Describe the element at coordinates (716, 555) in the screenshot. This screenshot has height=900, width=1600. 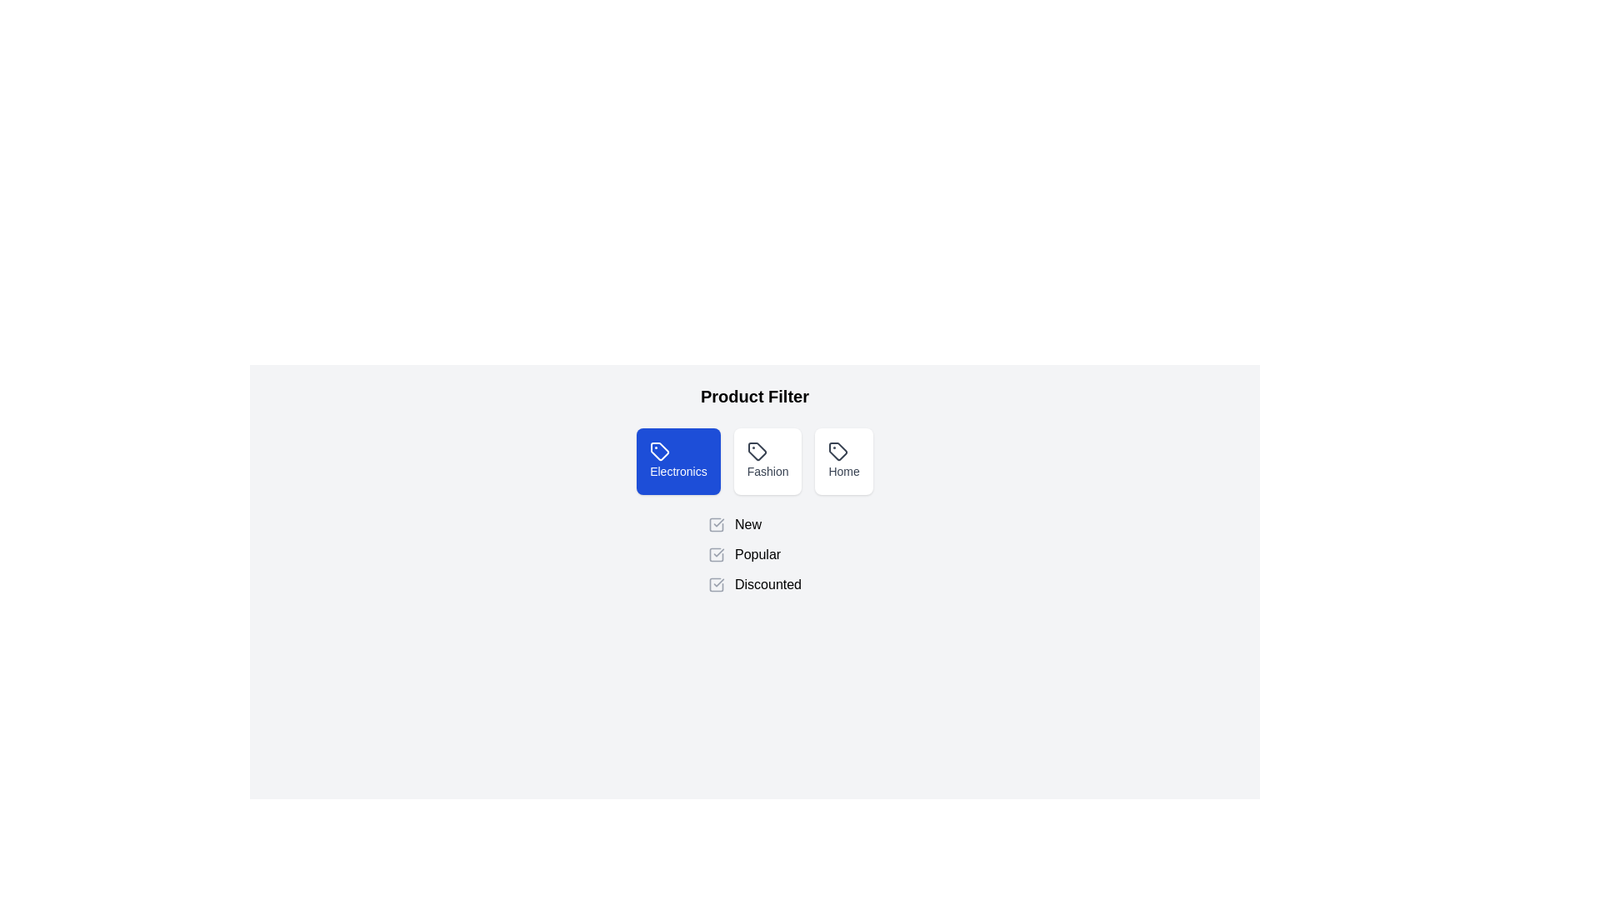
I see `the 'Popular' filter checkbox to toggle its state` at that location.